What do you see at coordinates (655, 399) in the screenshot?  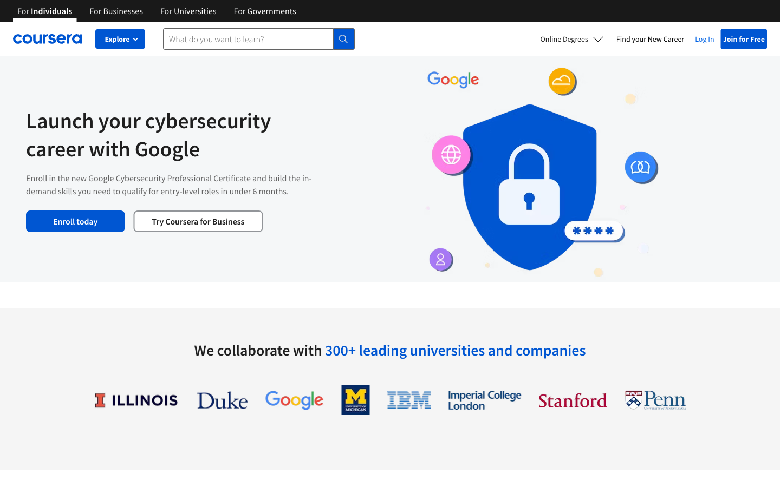 I see `See details of University of Pennsylvania` at bounding box center [655, 399].